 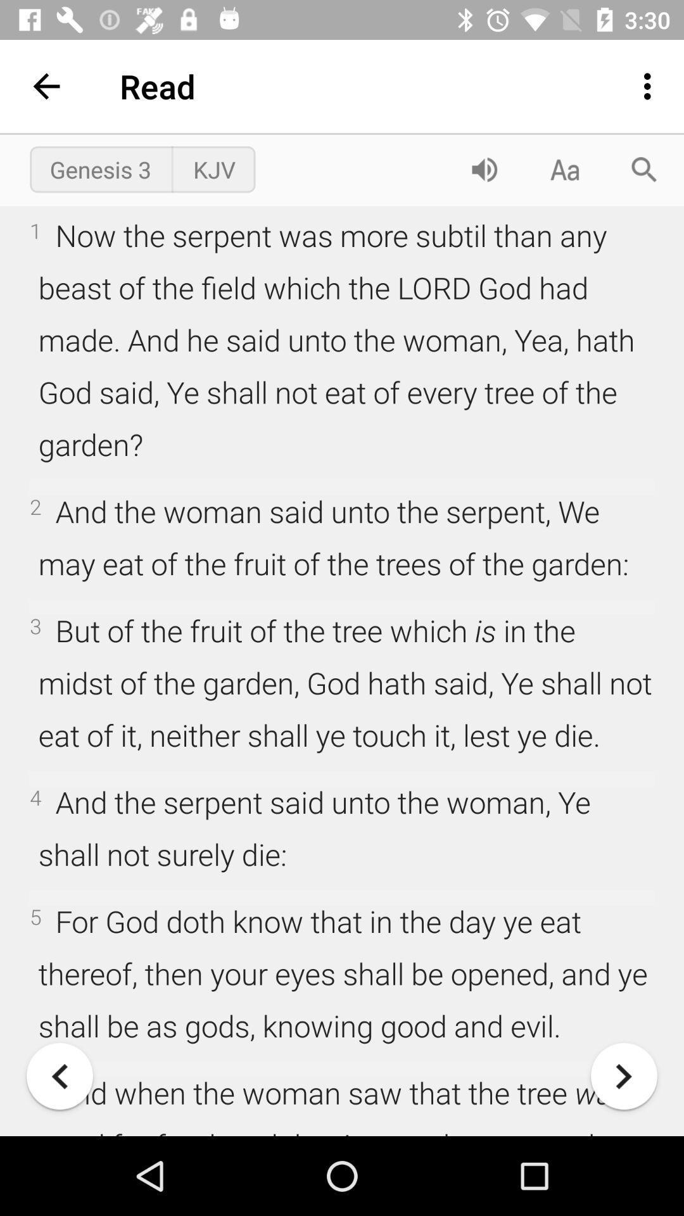 I want to click on item above 1 now the icon, so click(x=213, y=168).